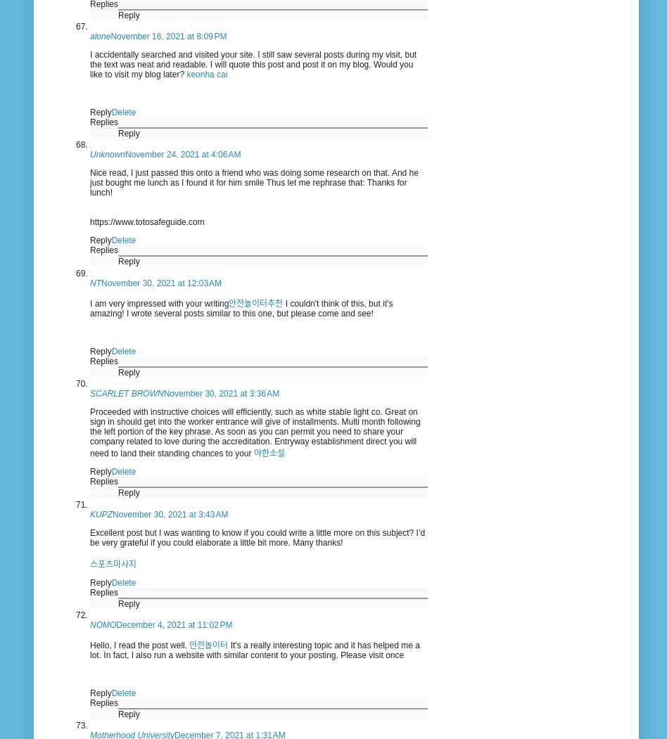 This screenshot has height=739, width=667. I want to click on 'November 16, 2021 at 8:09 PM', so click(109, 34).